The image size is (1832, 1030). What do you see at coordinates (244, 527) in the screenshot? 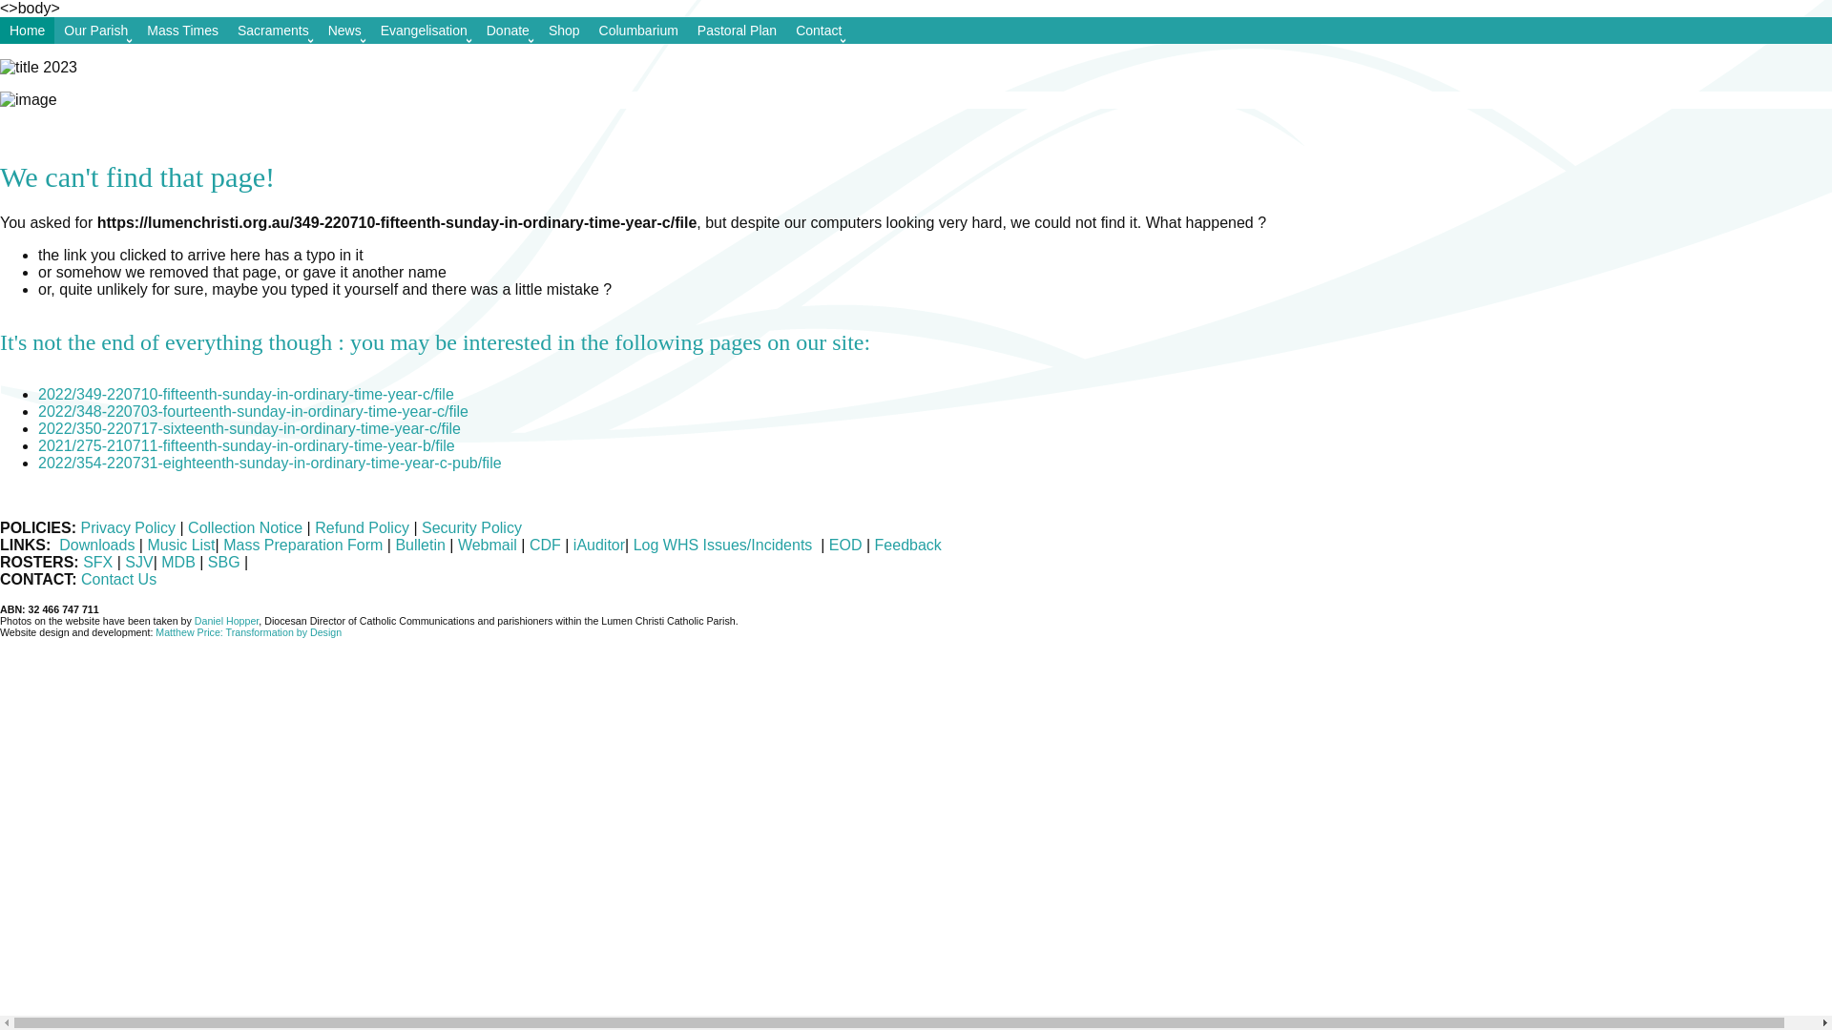
I see `'Collection Notice'` at bounding box center [244, 527].